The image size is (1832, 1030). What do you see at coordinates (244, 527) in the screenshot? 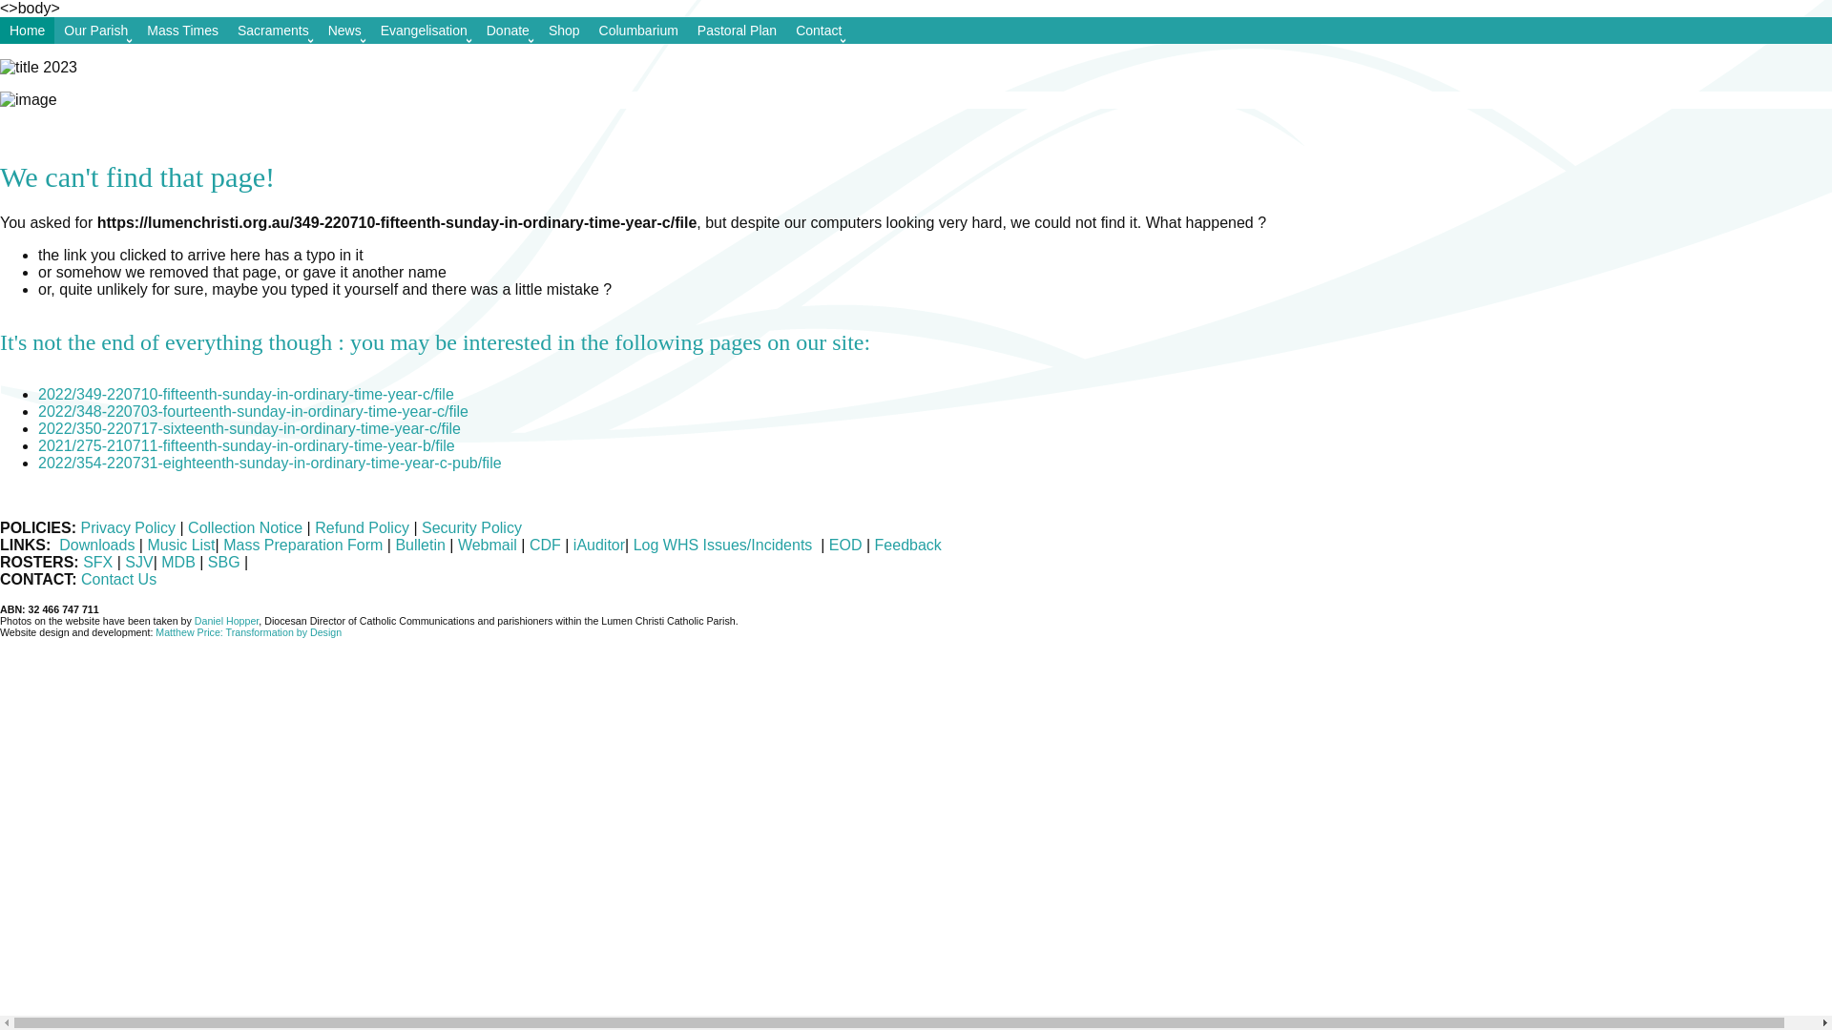
I see `'Collection Notice'` at bounding box center [244, 527].